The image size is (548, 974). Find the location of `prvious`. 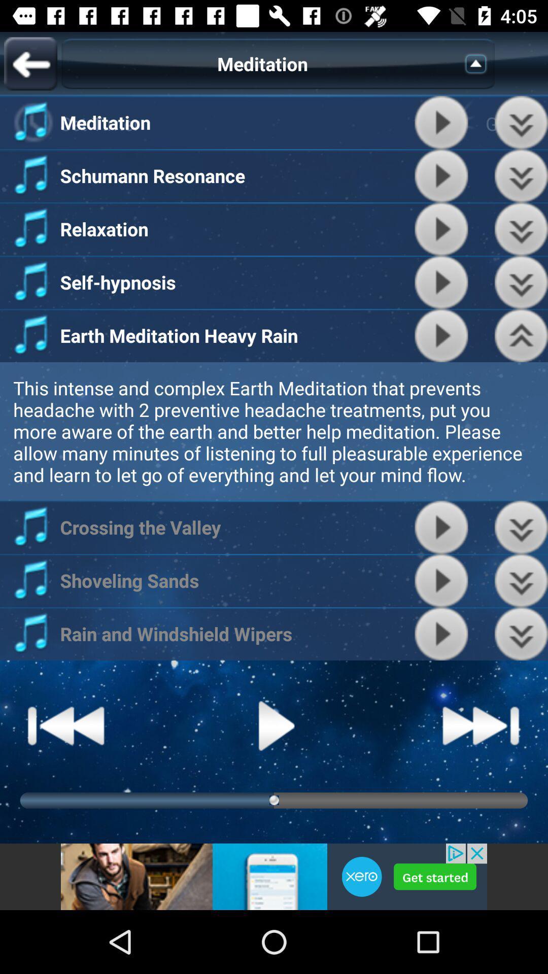

prvious is located at coordinates (521, 580).